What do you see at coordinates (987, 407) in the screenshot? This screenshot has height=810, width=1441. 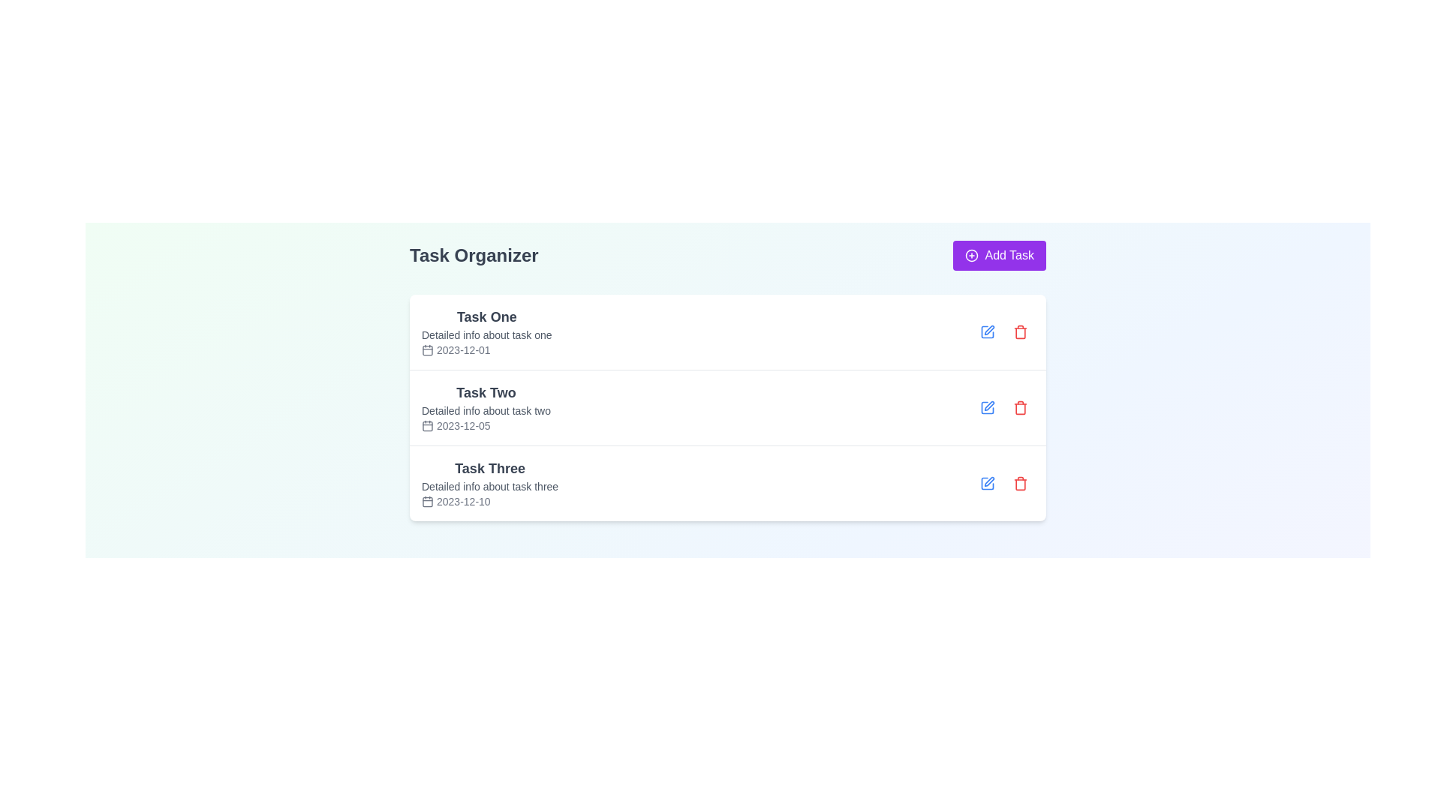 I see `the edit button next to the 'Task Two' item in the task list` at bounding box center [987, 407].